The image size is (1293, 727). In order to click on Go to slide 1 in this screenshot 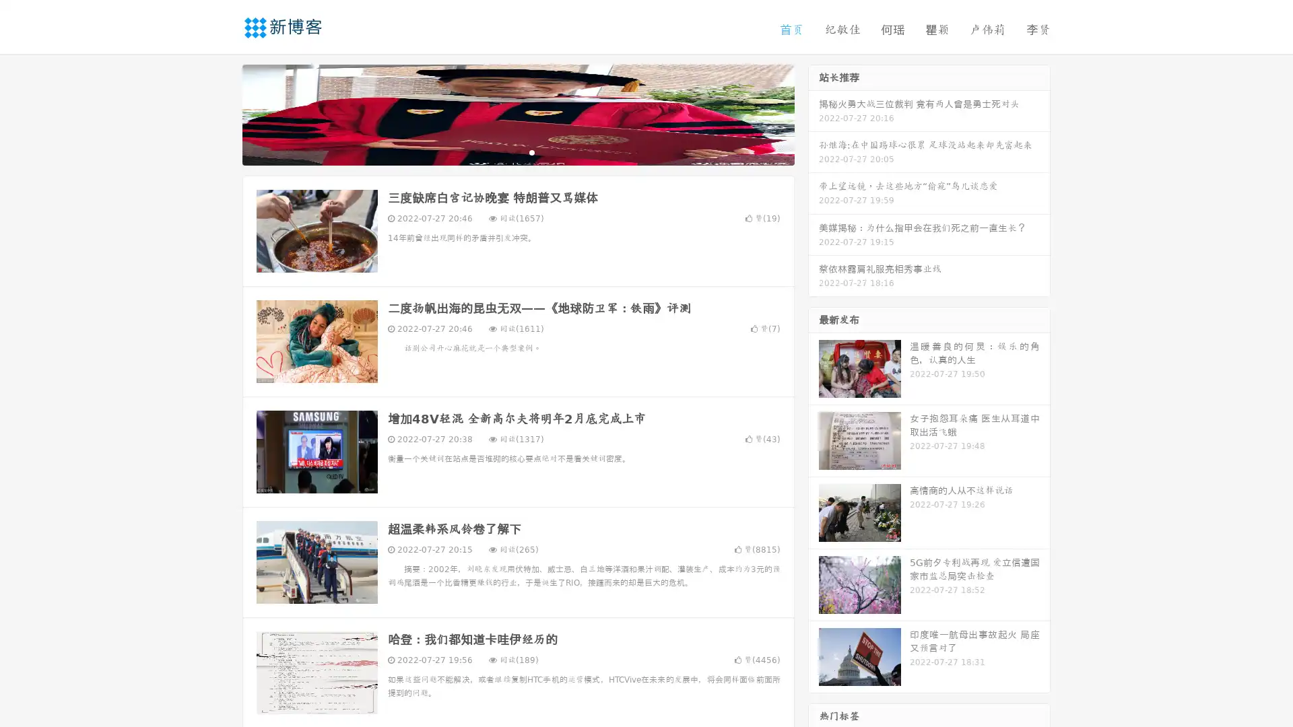, I will do `click(504, 151)`.